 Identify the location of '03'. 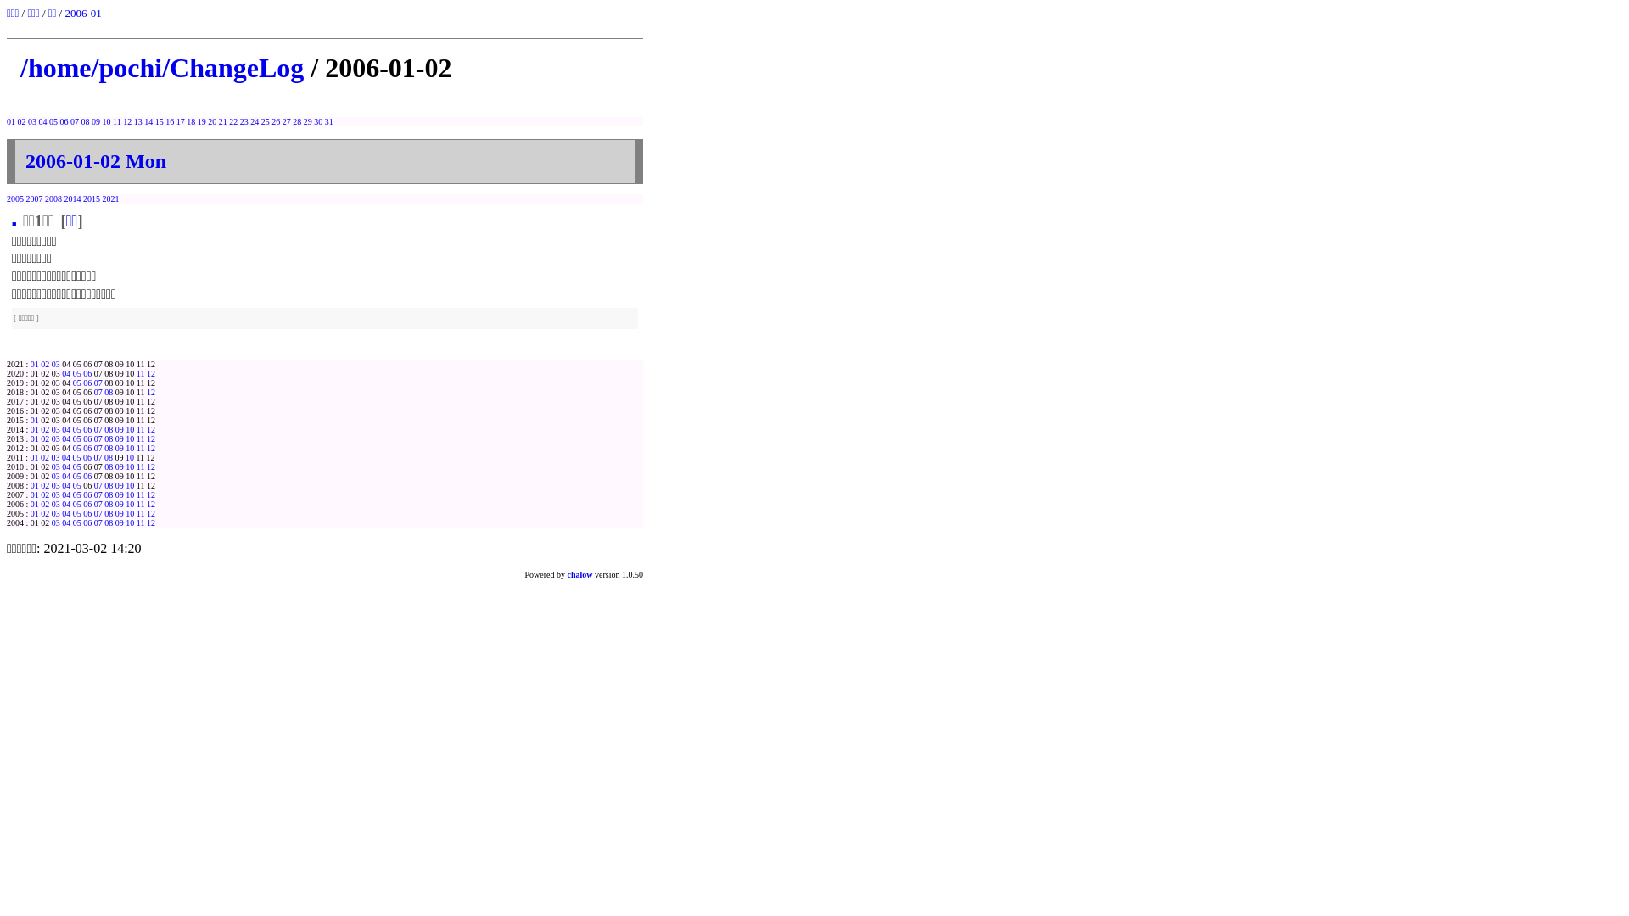
(52, 522).